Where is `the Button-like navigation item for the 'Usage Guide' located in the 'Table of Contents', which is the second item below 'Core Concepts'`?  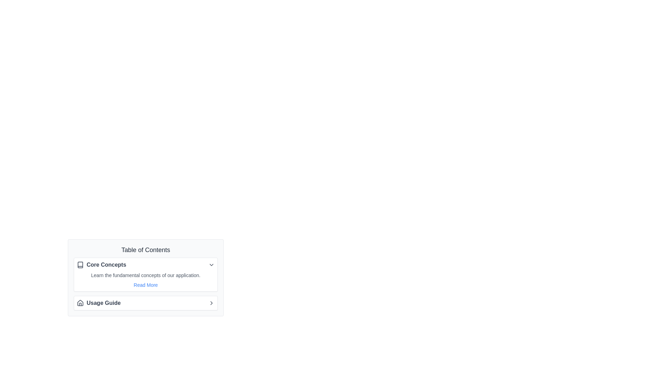
the Button-like navigation item for the 'Usage Guide' located in the 'Table of Contents', which is the second item below 'Core Concepts' is located at coordinates (145, 302).